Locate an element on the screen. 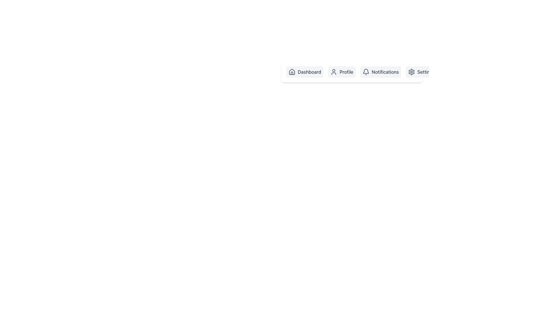 The width and height of the screenshot is (553, 311). the 'Dashboard' navigation button, which is the first option in the navigation bar with a house-shaped icon and a light gray background that changes color on hover is located at coordinates (304, 72).